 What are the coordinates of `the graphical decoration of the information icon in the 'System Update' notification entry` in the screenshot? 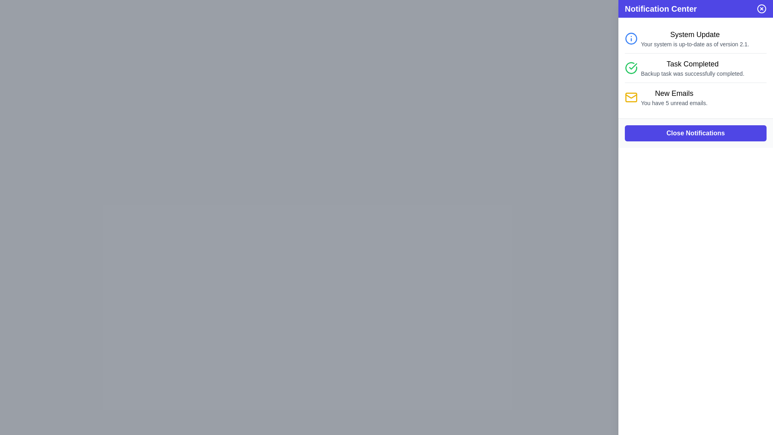 It's located at (631, 39).